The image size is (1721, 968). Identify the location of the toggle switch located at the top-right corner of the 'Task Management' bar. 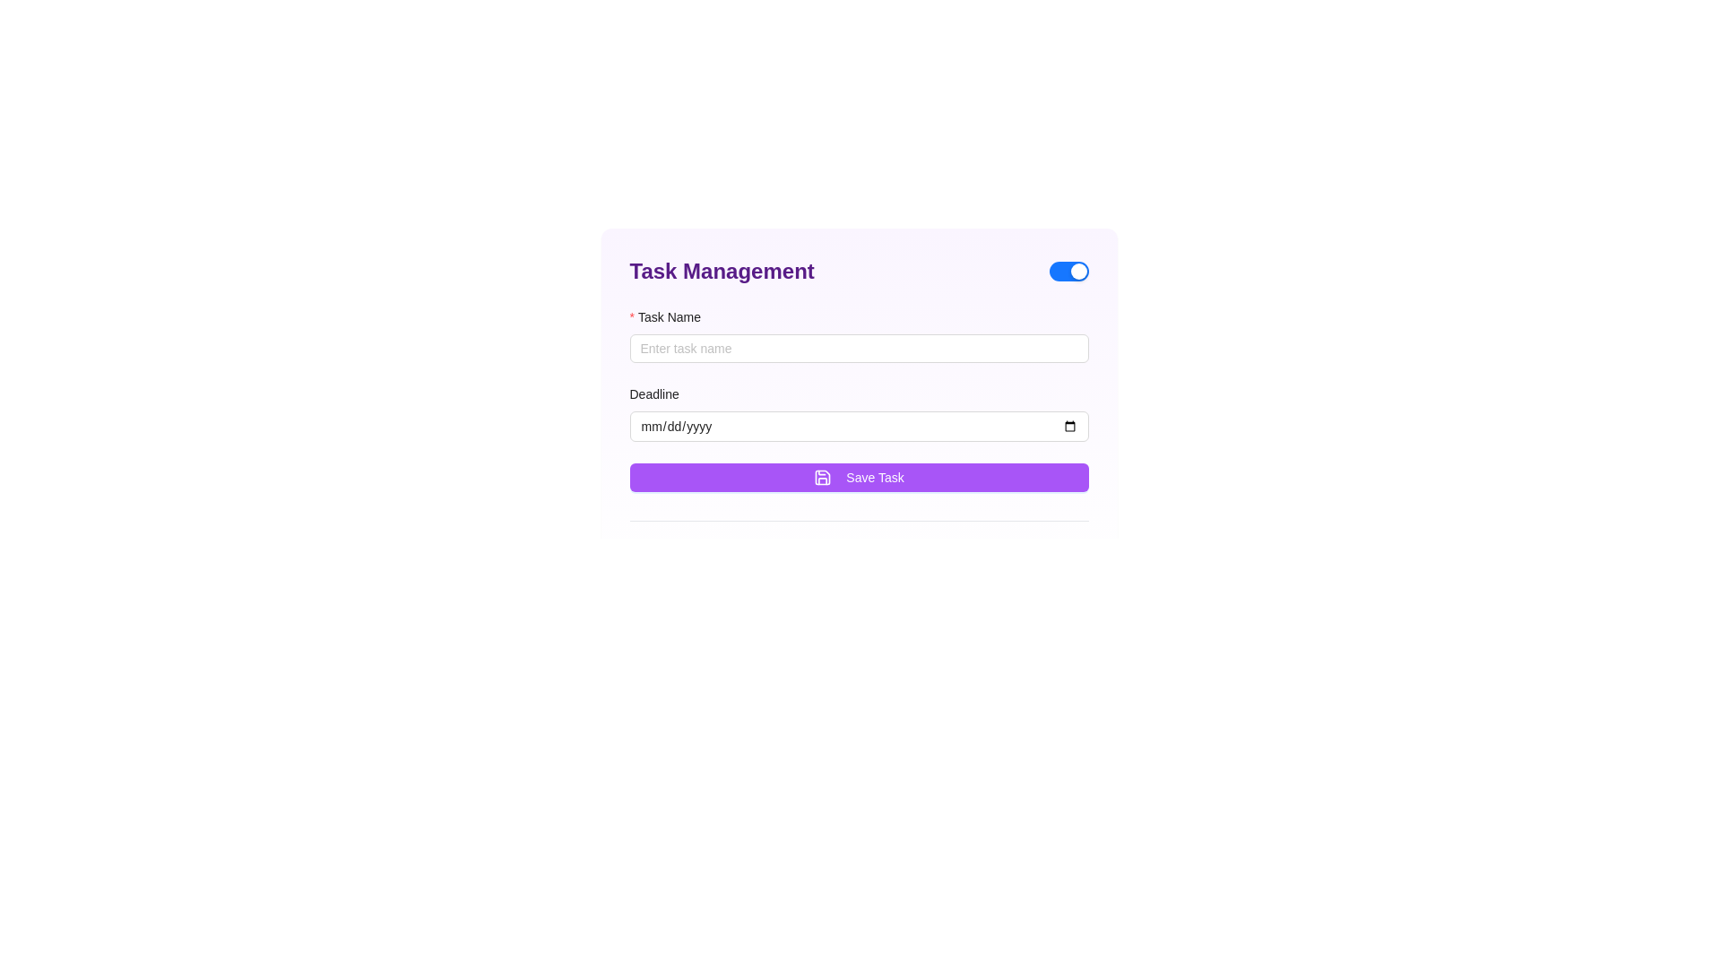
(858, 272).